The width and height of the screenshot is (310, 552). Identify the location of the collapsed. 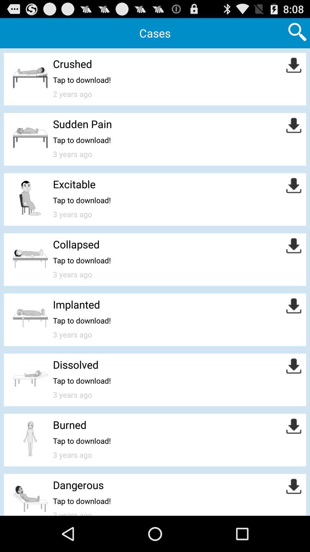
(76, 244).